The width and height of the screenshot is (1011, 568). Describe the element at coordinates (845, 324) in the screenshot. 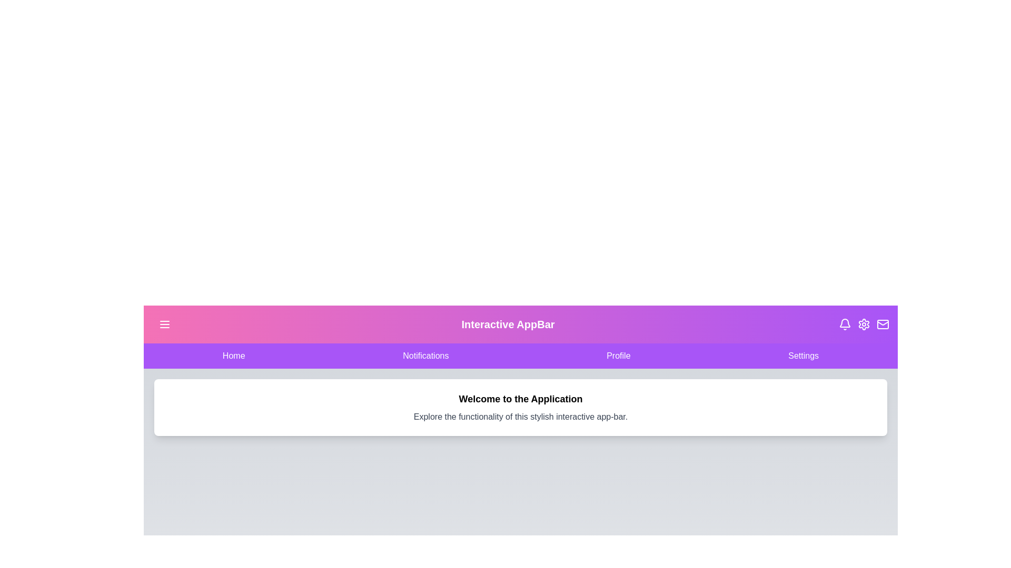

I see `the Bell icon to check notifications` at that location.